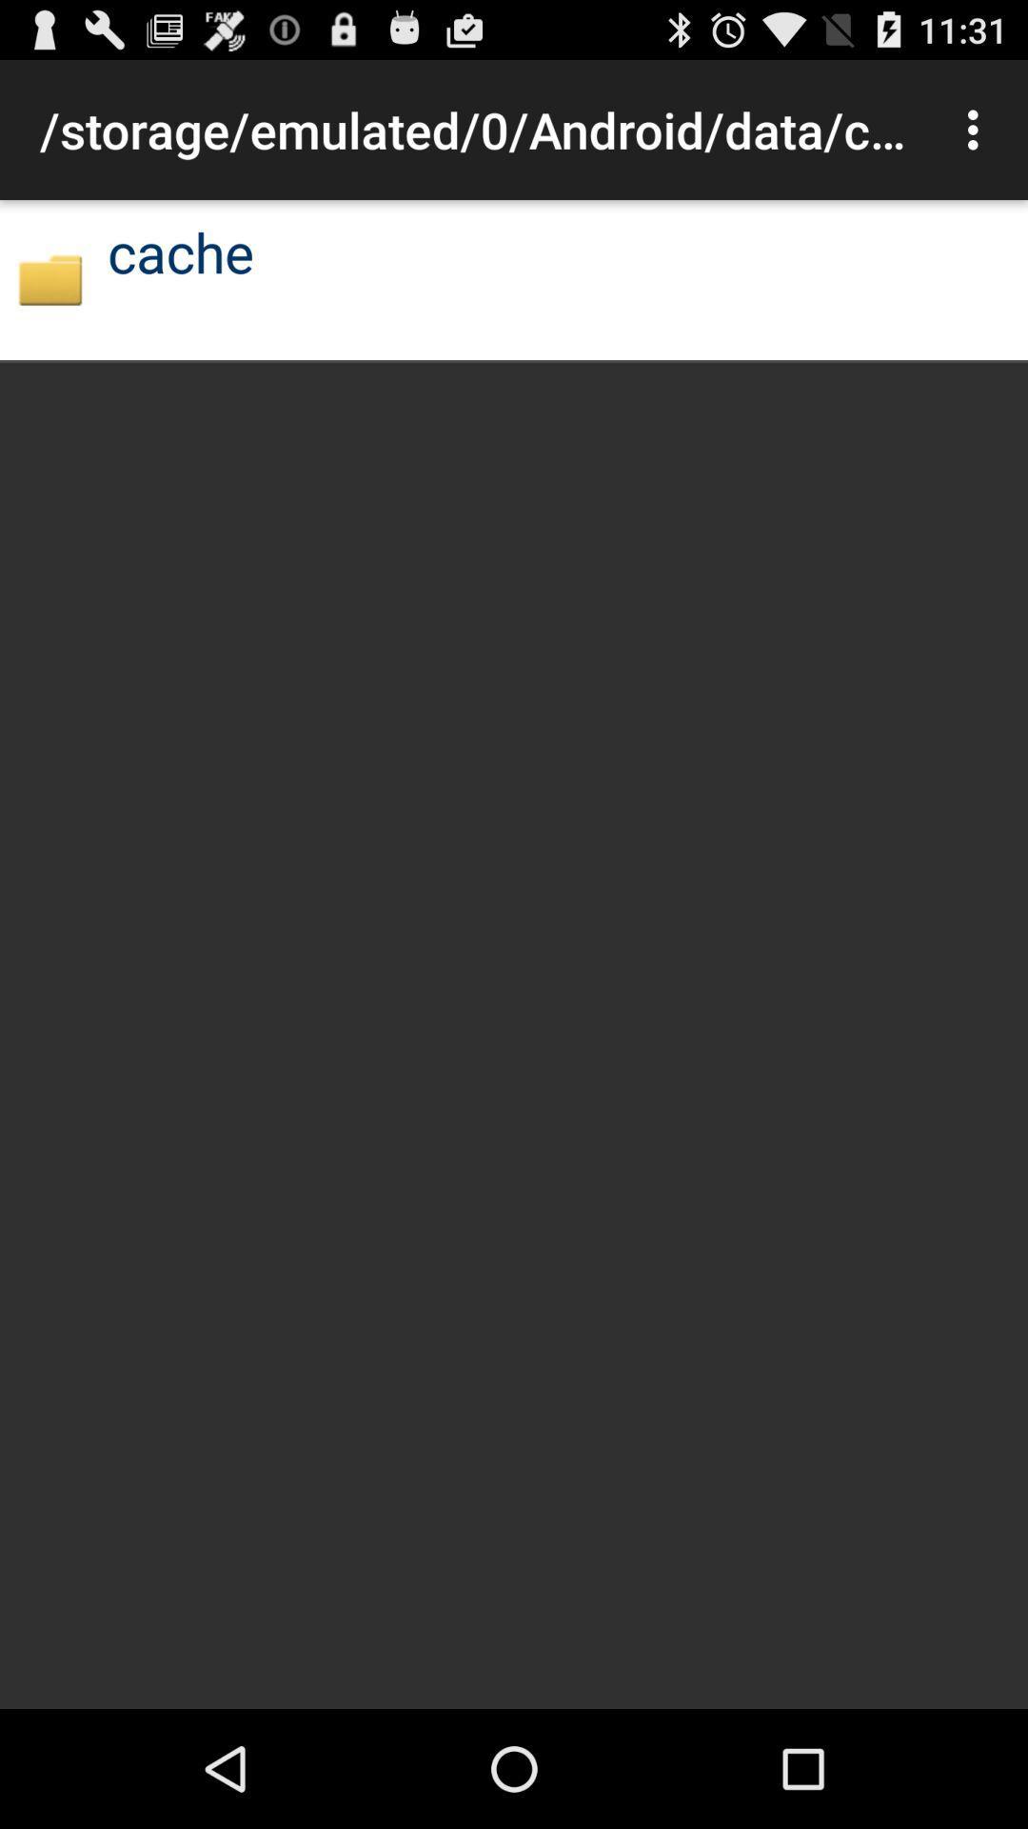 The width and height of the screenshot is (1028, 1829). I want to click on the app next to the storage emulated 0 item, so click(978, 129).